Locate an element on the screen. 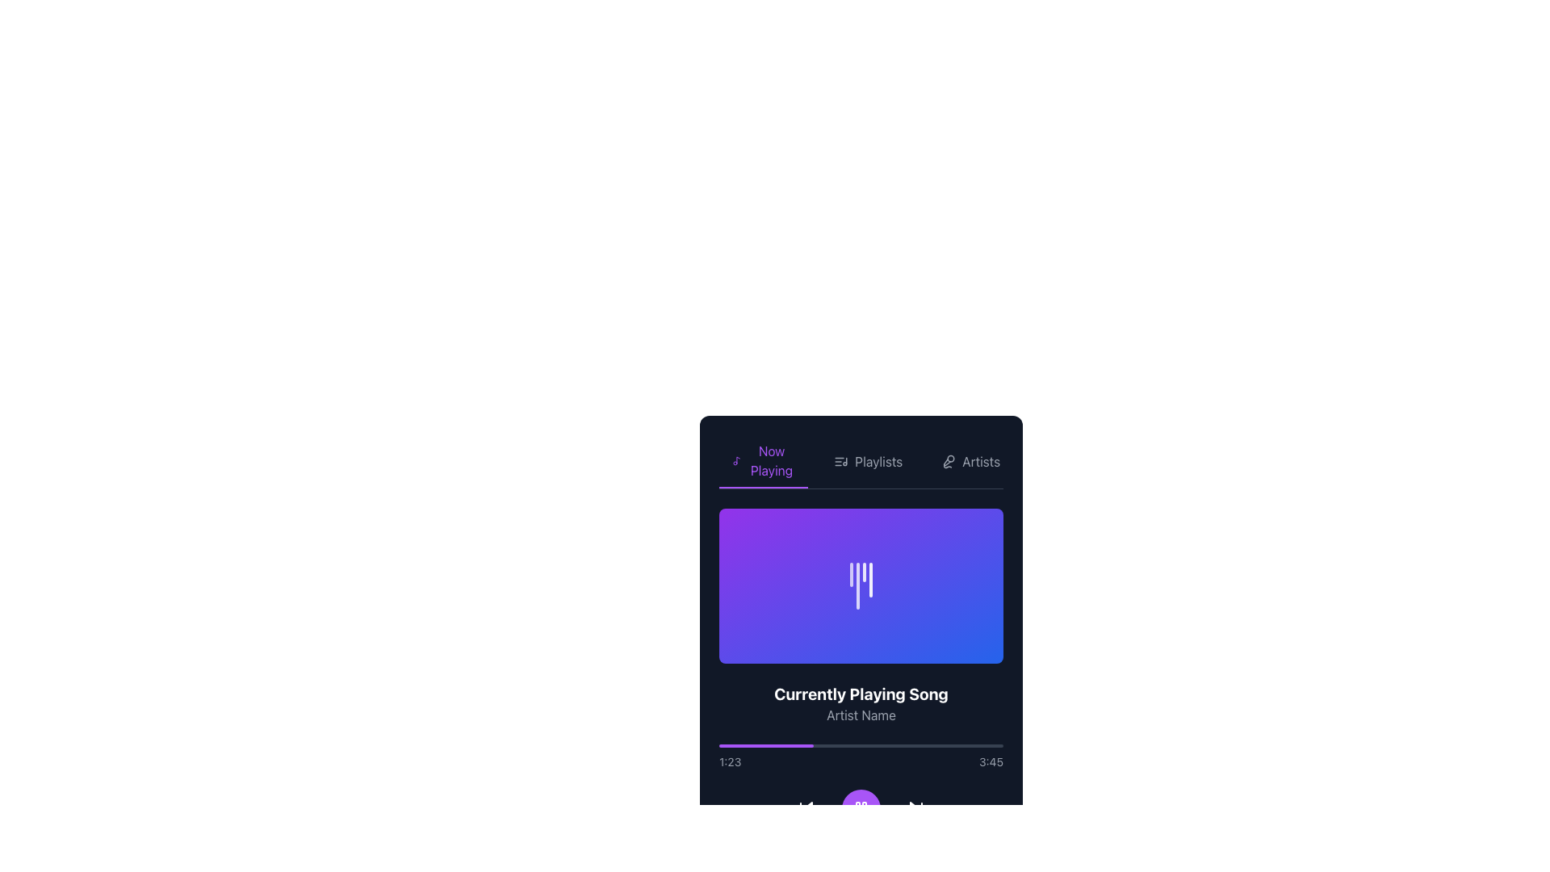 The image size is (1550, 872). the pause icon located at the bottom-center of the media player interface is located at coordinates (860, 809).